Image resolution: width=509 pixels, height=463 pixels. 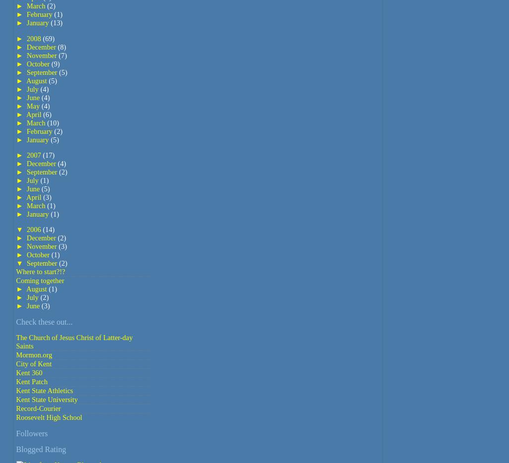 What do you see at coordinates (37, 408) in the screenshot?
I see `'Record-Courier'` at bounding box center [37, 408].